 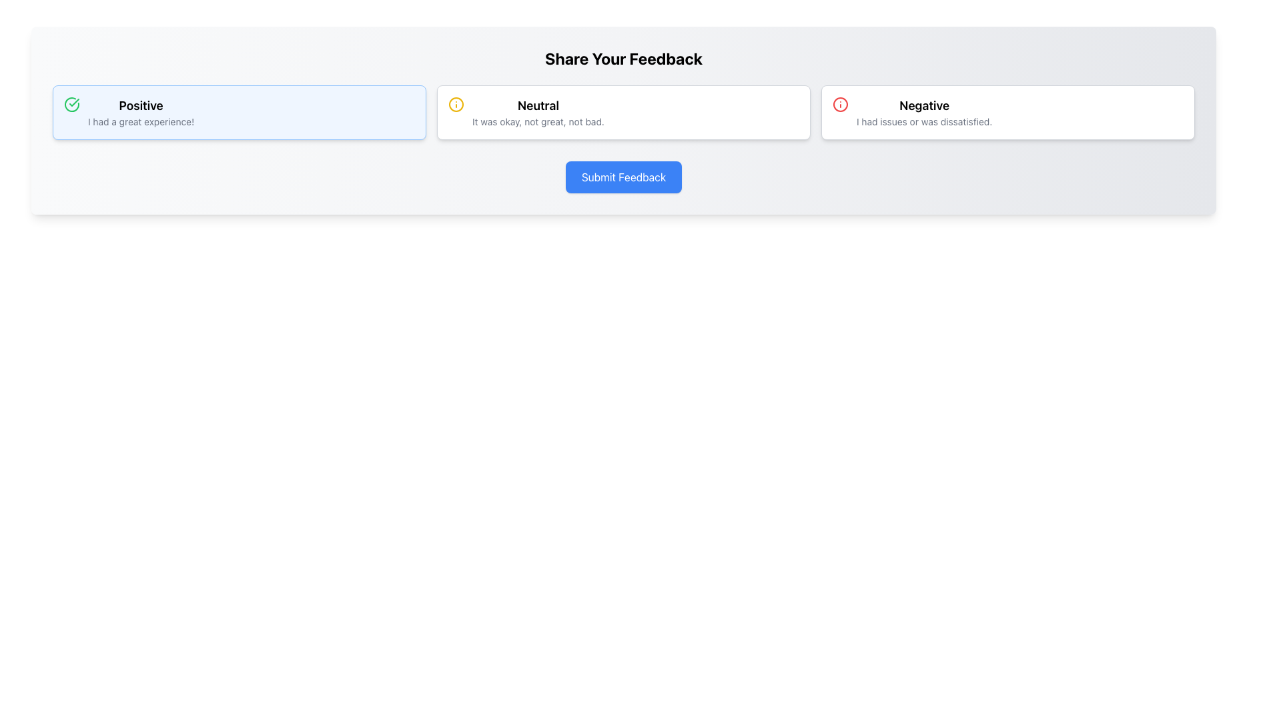 What do you see at coordinates (240, 112) in the screenshot?
I see `the Feedback option card representing a positive experience, located at the first position in the group of three feedback options` at bounding box center [240, 112].